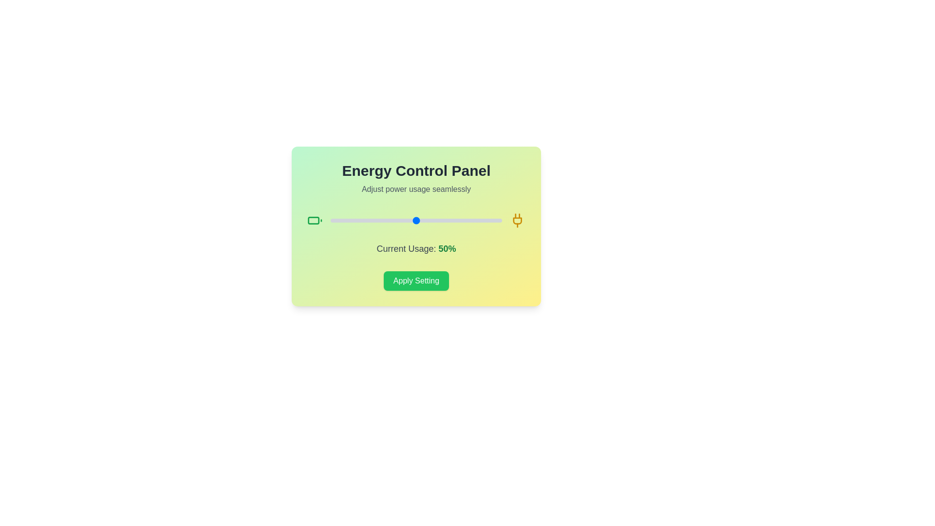 The width and height of the screenshot is (935, 526). I want to click on the energy usage slider, so click(399, 220).